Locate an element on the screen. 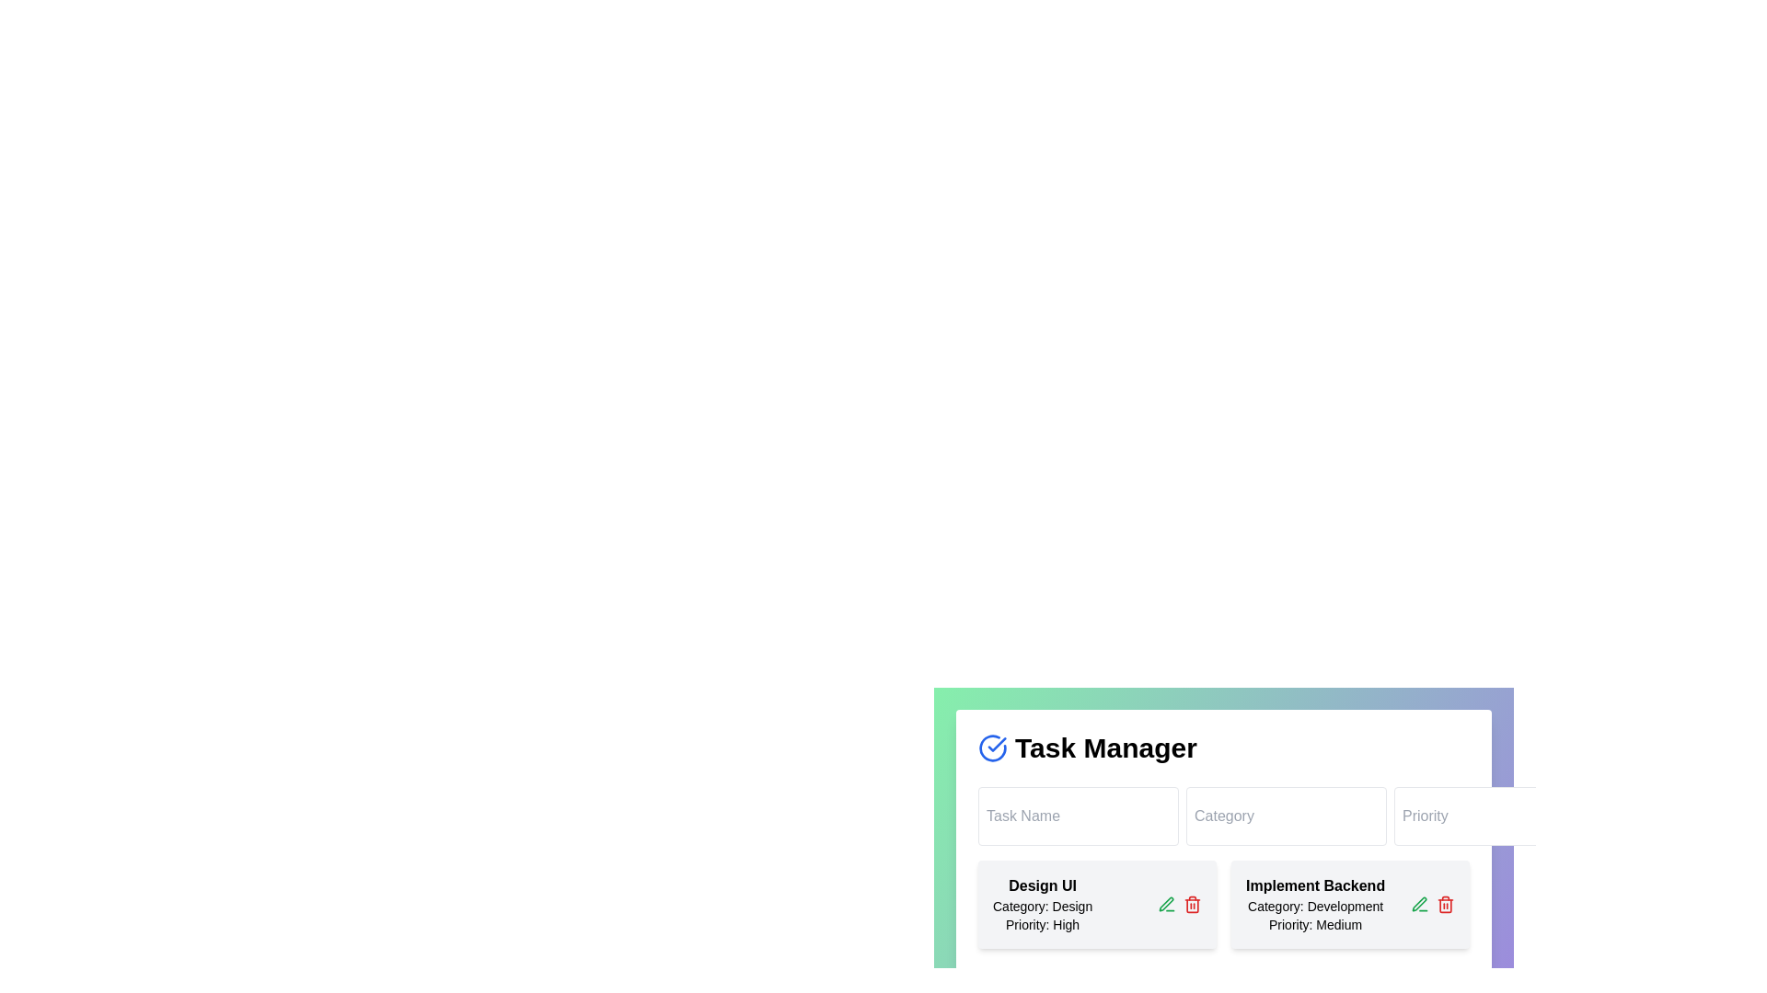 This screenshot has height=993, width=1767. the text block titled 'Implement Backend', which includes 'Category: Development' and 'Priority: Medium', located within a card under the 'Task Manager' header is located at coordinates (1314, 903).